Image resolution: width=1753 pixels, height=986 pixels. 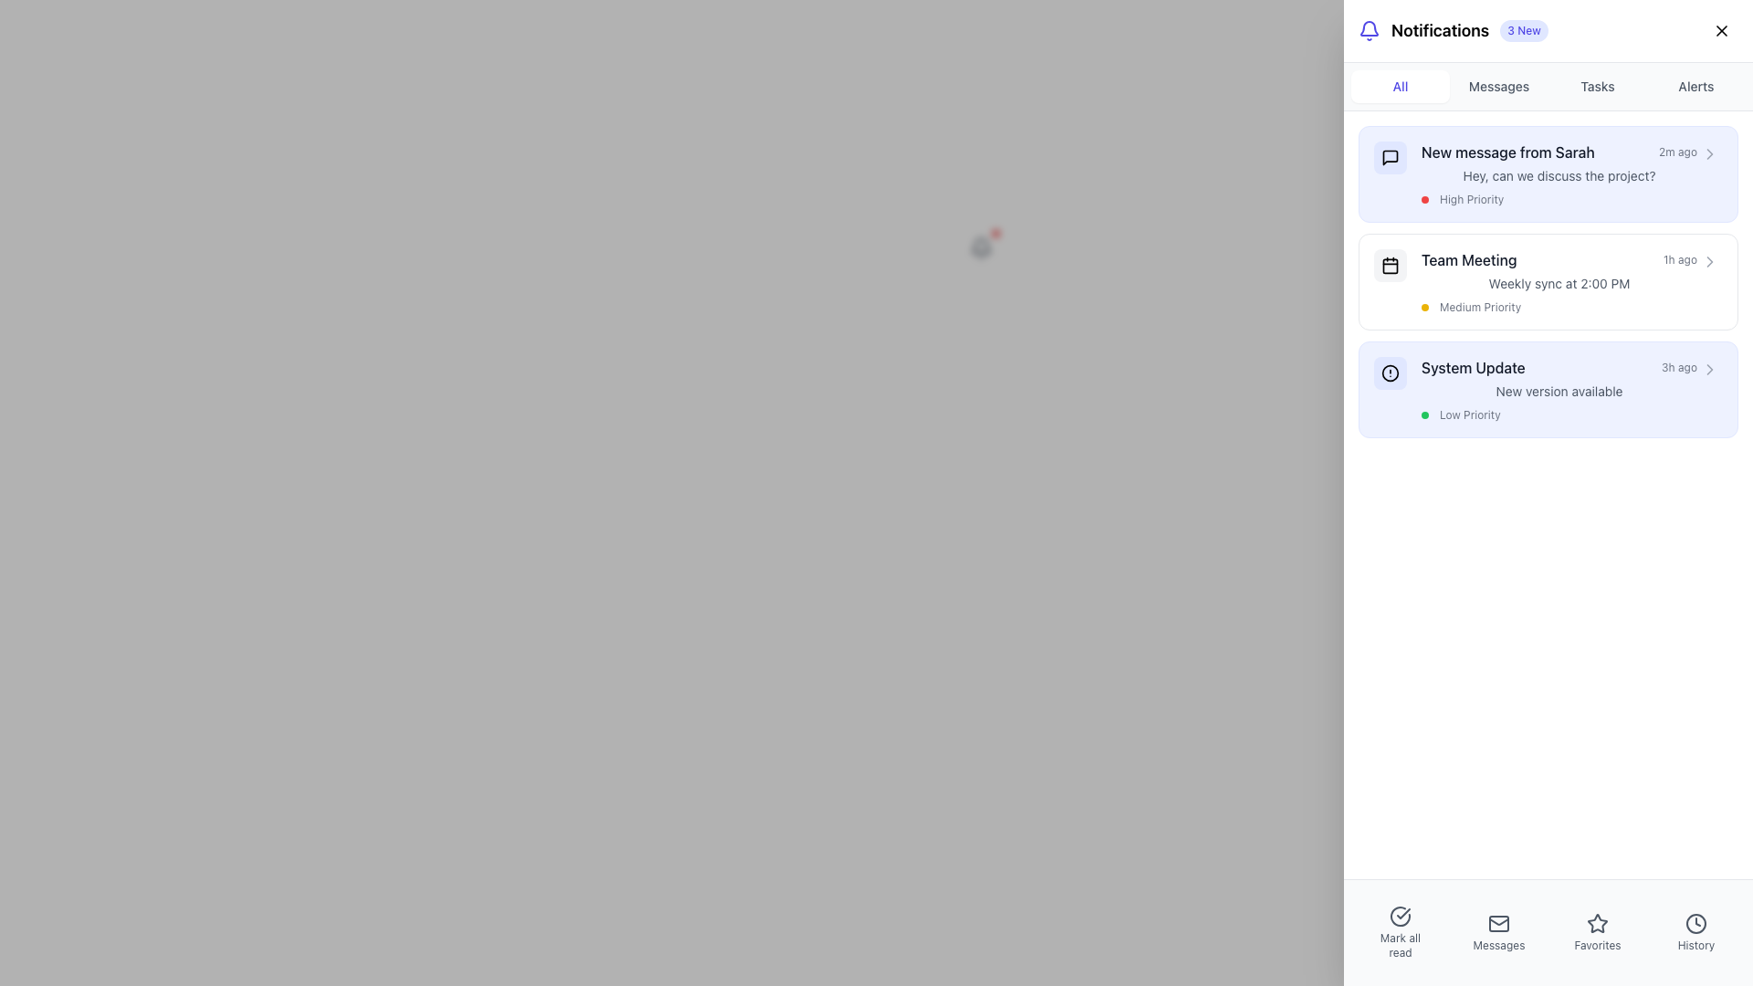 I want to click on the text displaying 'Hey, can we discuss the project?' which is located under the heading 'New message from Sarah', so click(x=1559, y=175).